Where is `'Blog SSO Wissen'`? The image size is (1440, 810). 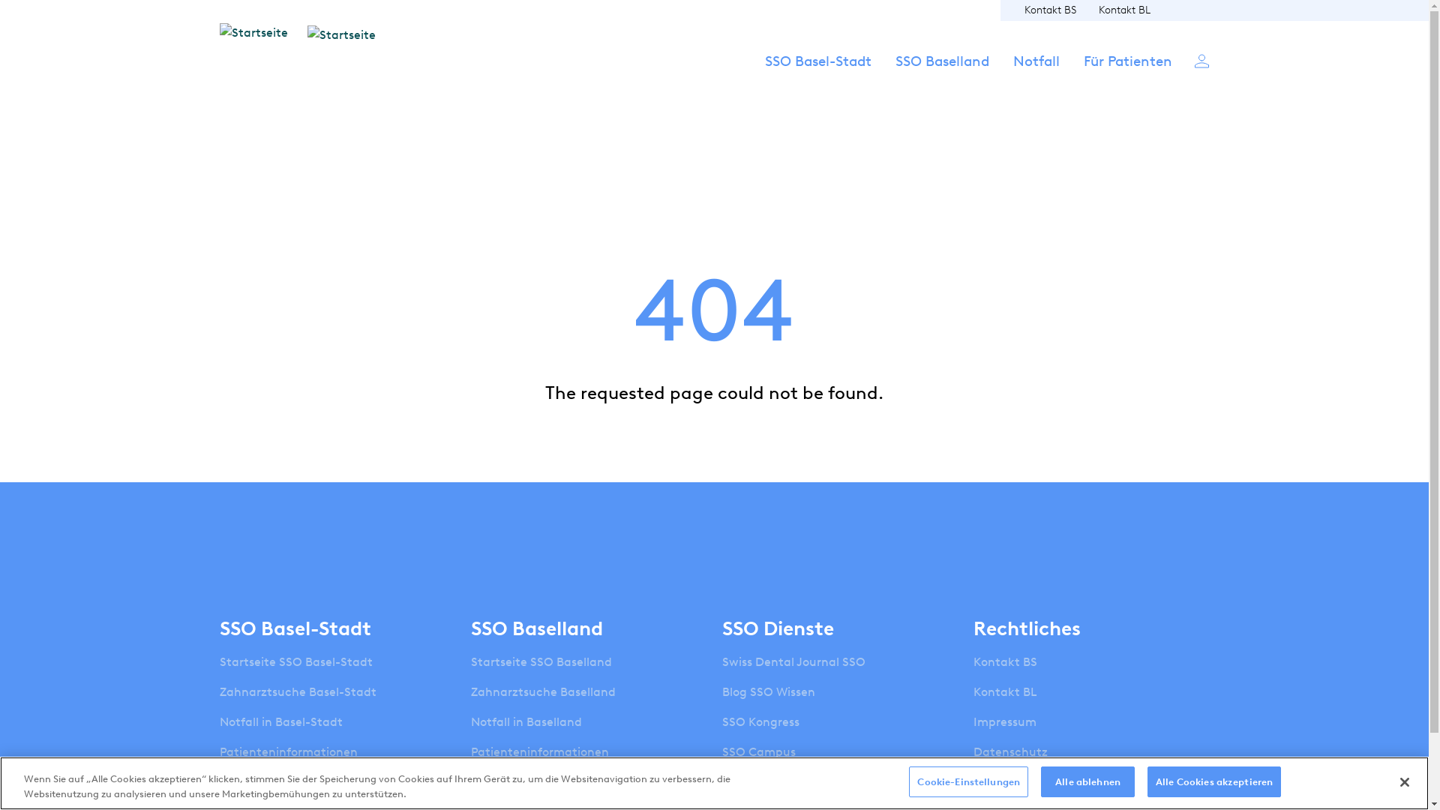 'Blog SSO Wissen' is located at coordinates (769, 691).